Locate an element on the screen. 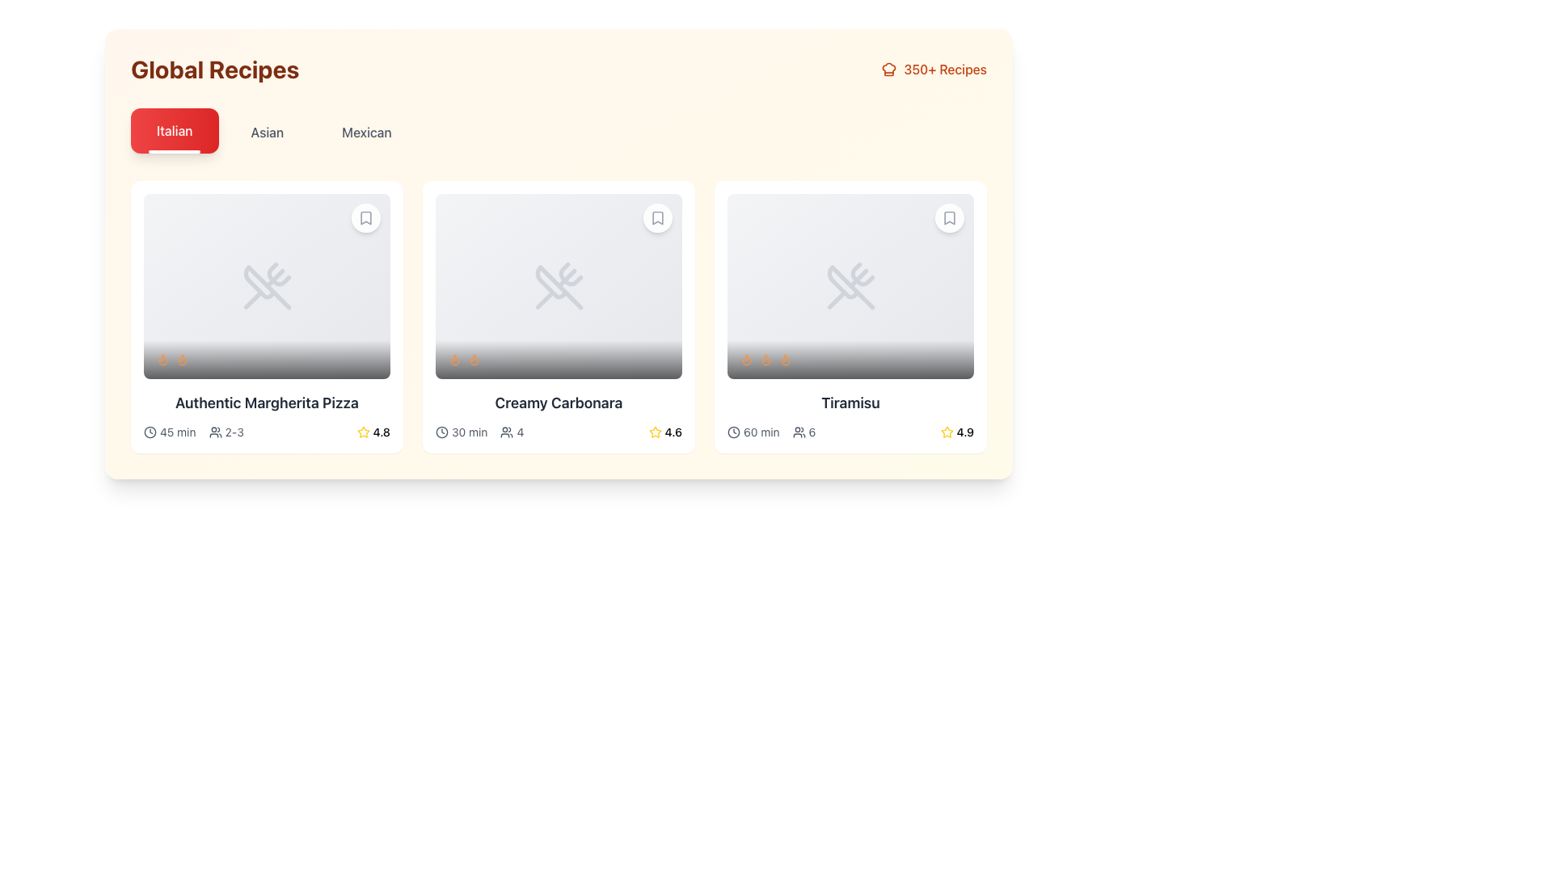 The width and height of the screenshot is (1552, 873). the Text component displaying '2-3', which is styled with a gray font and positioned to the right of an icon representing a group of people, located in the bottom section of the first recipe card in the recipe gallery is located at coordinates (226, 431).